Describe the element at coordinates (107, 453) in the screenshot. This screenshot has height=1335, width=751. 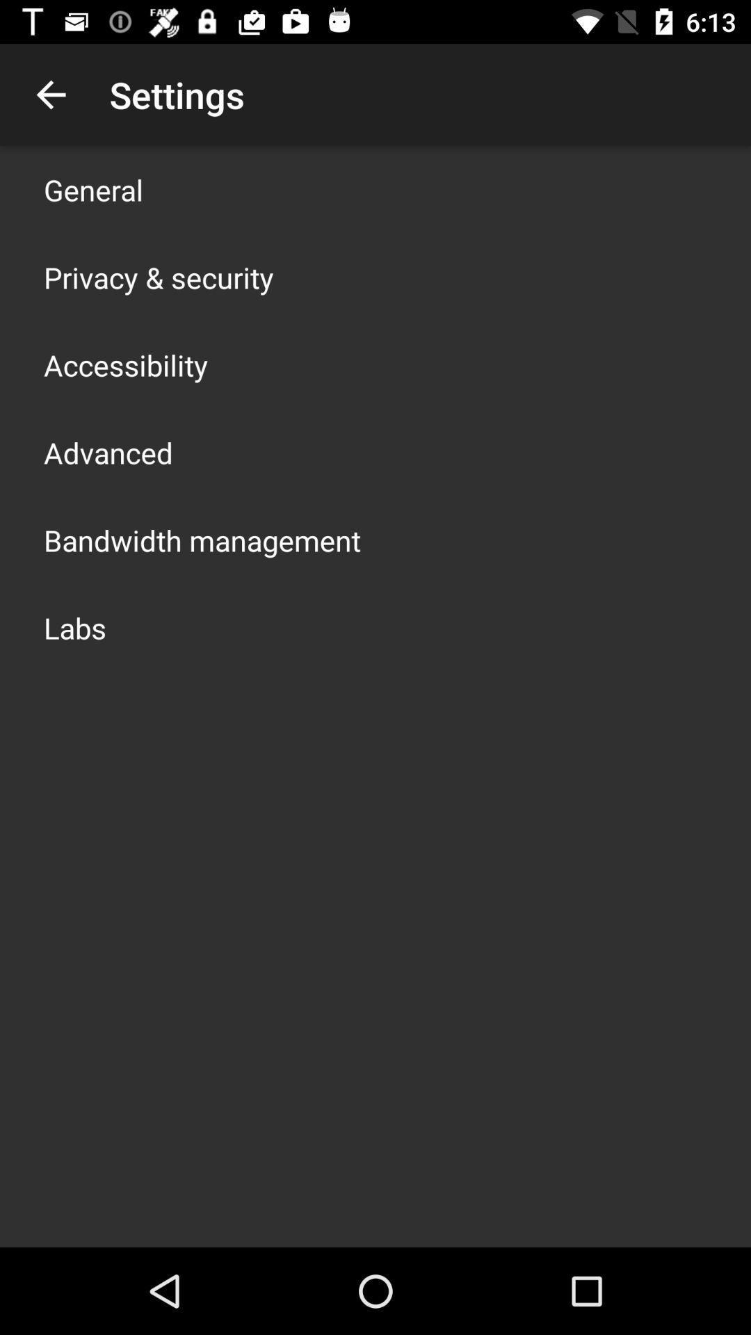
I see `advanced item` at that location.